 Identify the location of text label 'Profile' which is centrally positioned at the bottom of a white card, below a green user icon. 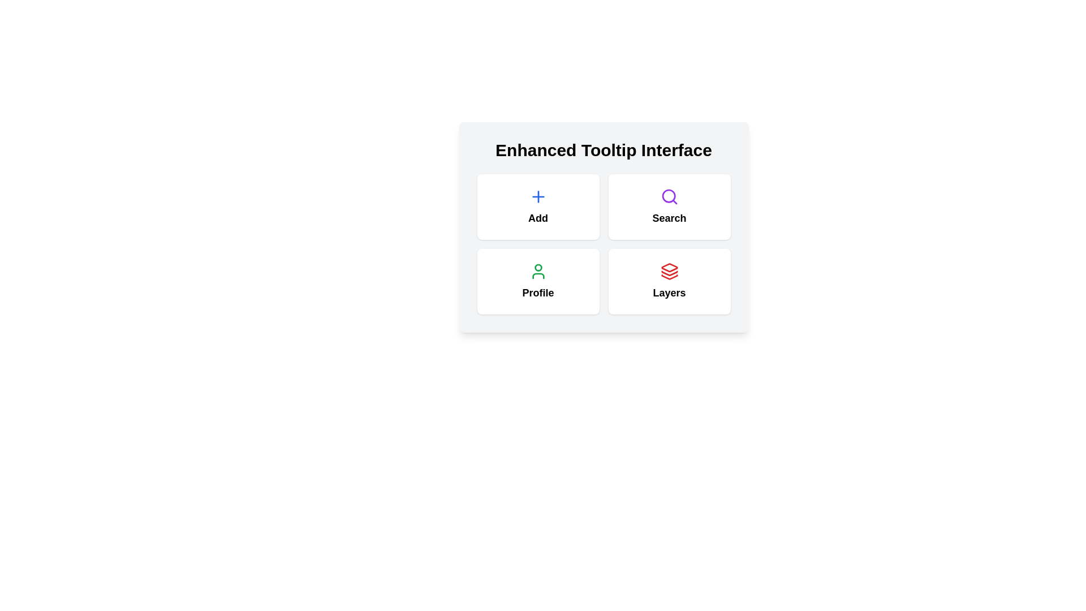
(537, 292).